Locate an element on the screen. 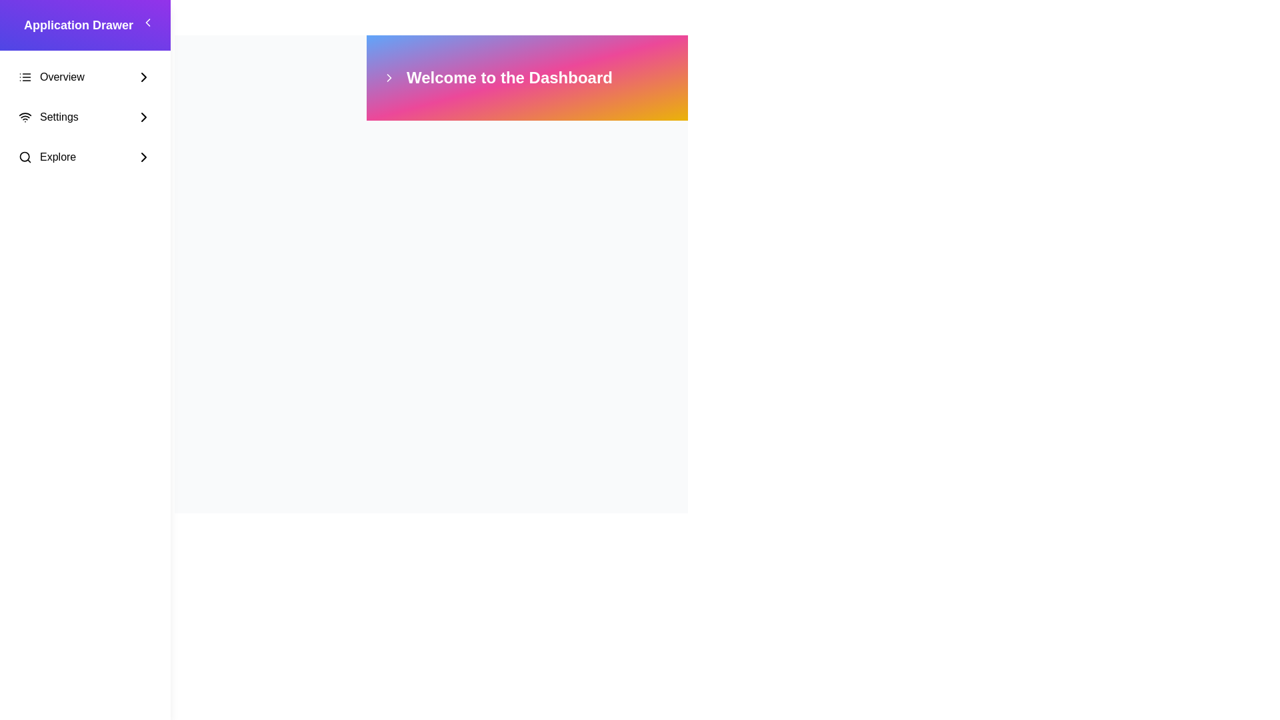  the left-pointing chevron icon with a white stroke and purple background, located in the top-right corner of the 'Application Drawer' header is located at coordinates (147, 23).